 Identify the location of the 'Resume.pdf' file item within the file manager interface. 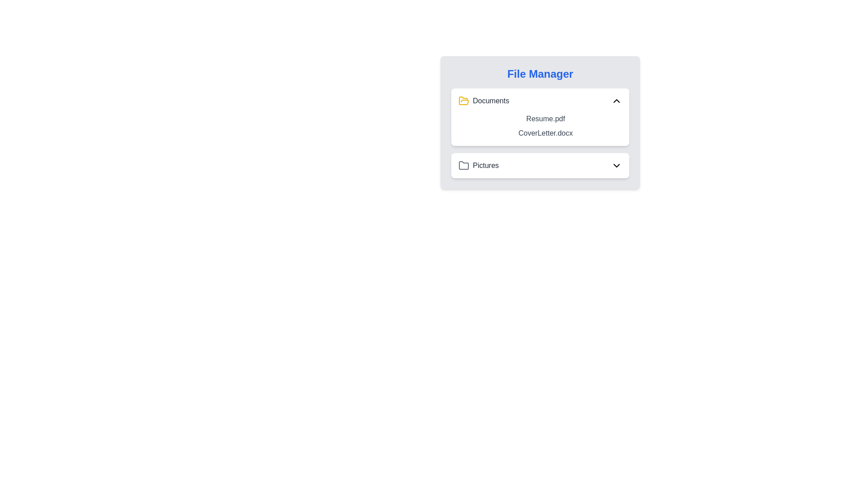
(539, 123).